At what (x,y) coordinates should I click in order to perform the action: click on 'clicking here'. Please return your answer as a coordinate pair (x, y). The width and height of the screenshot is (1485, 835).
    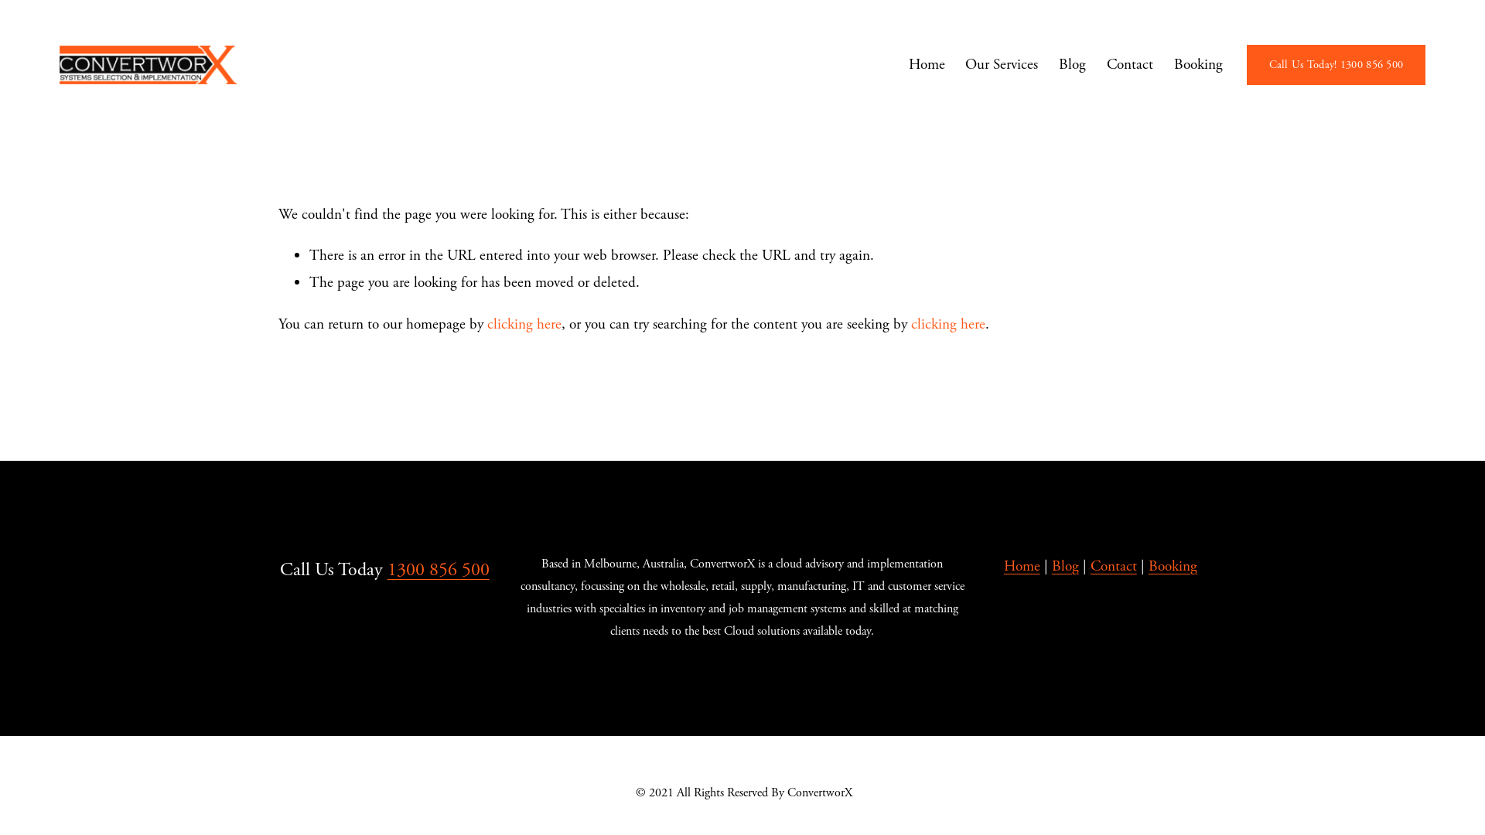
    Looking at the image, I should click on (524, 323).